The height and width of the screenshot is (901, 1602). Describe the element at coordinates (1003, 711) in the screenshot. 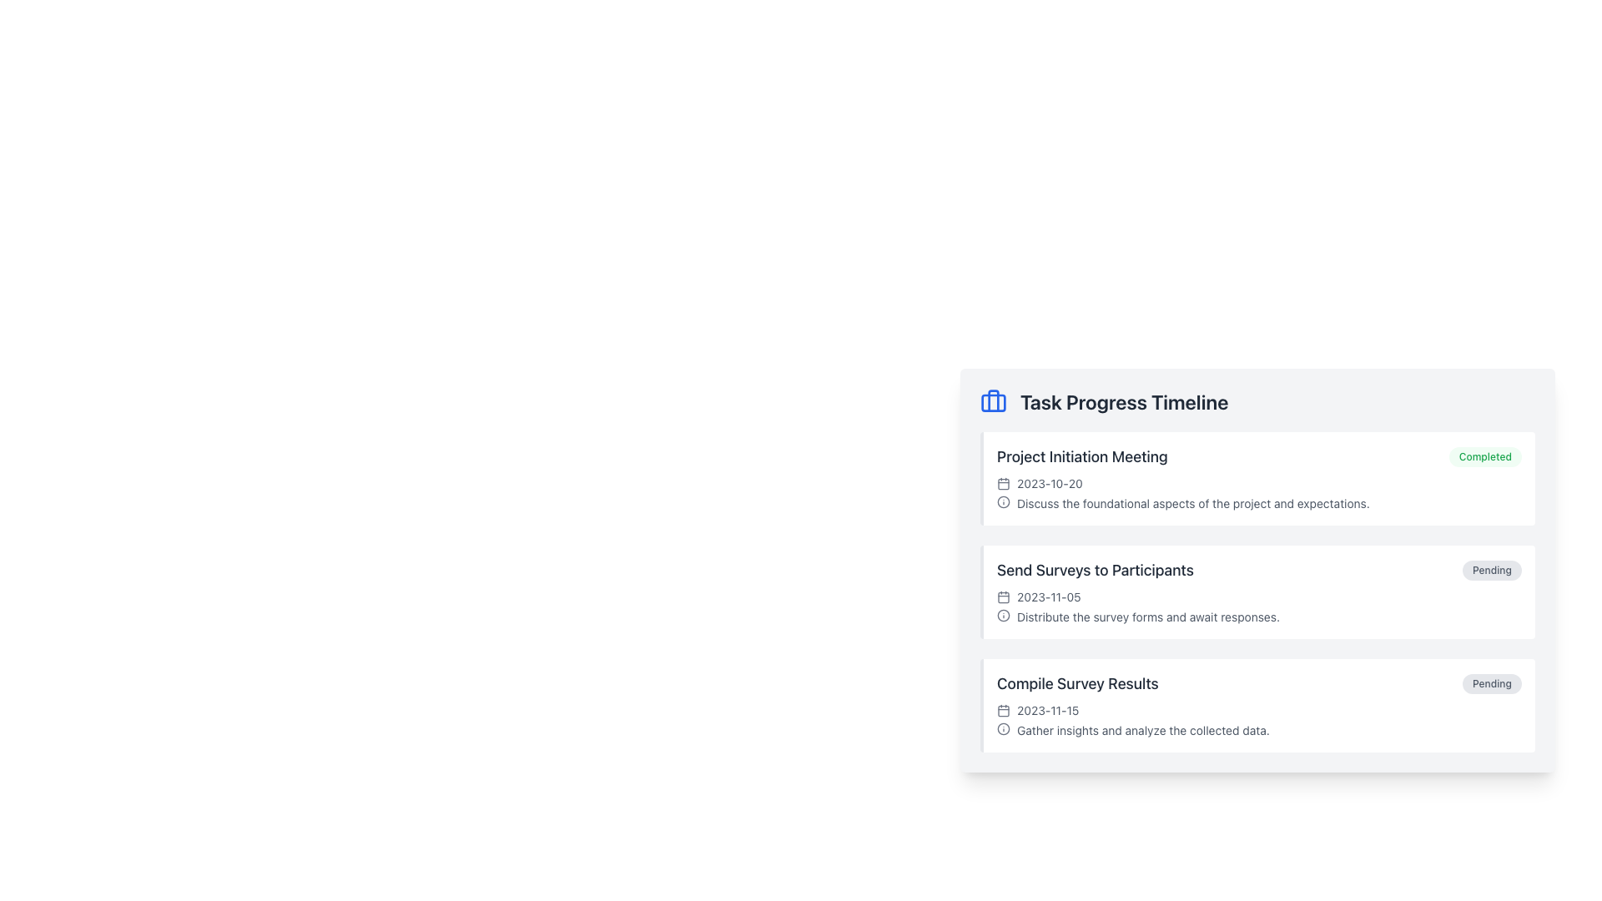

I see `the date icon representing '2023-11-15' in the timeline entry titled 'Compile Survey Results'` at that location.